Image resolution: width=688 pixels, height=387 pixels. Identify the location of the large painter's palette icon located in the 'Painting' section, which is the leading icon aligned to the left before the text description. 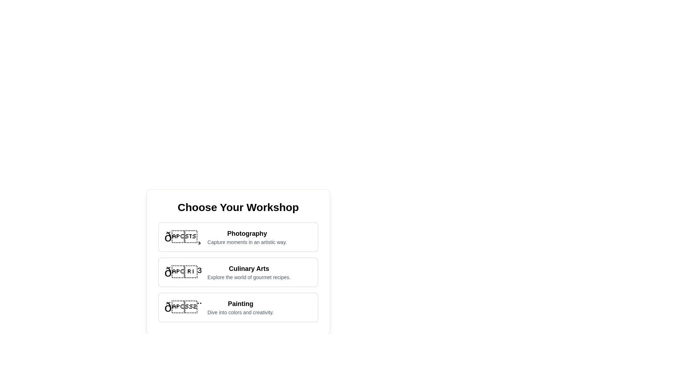
(183, 307).